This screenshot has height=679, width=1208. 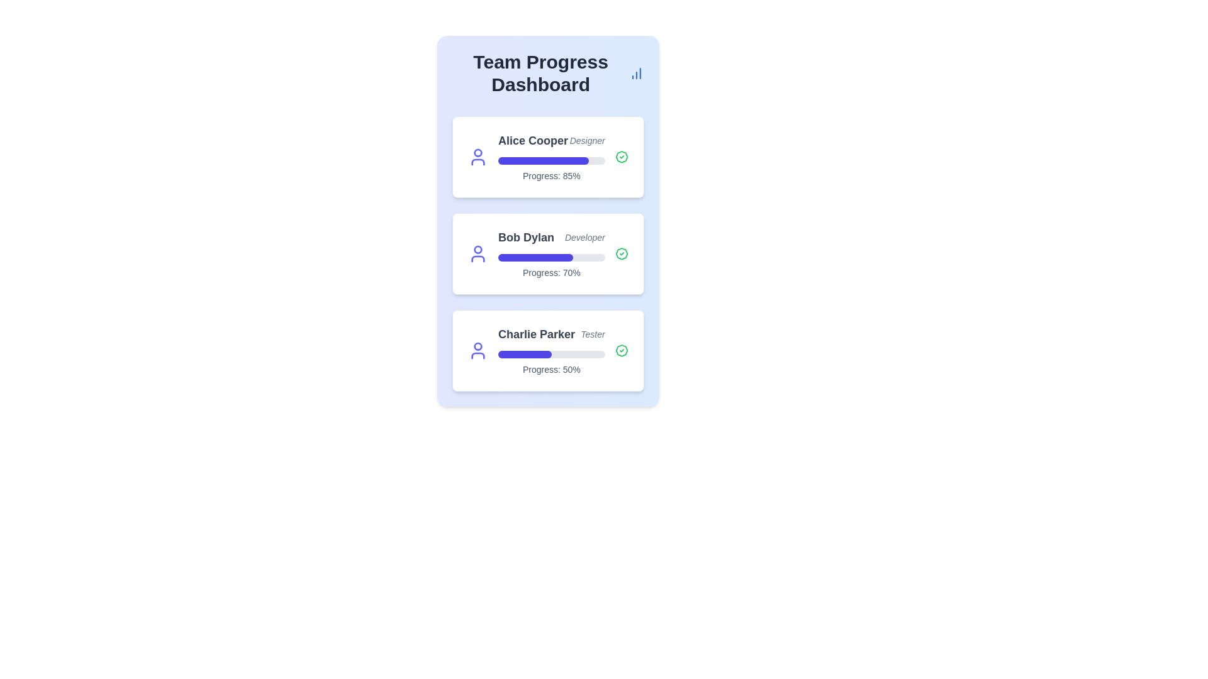 I want to click on the horizontal progress bar styled as a rounded rectangle with a light-gray background and an indigo-colored segment, representing 85% progress, located within the card for 'Alice Cooper' in the 'Team Progress Dashboard', so click(x=551, y=160).